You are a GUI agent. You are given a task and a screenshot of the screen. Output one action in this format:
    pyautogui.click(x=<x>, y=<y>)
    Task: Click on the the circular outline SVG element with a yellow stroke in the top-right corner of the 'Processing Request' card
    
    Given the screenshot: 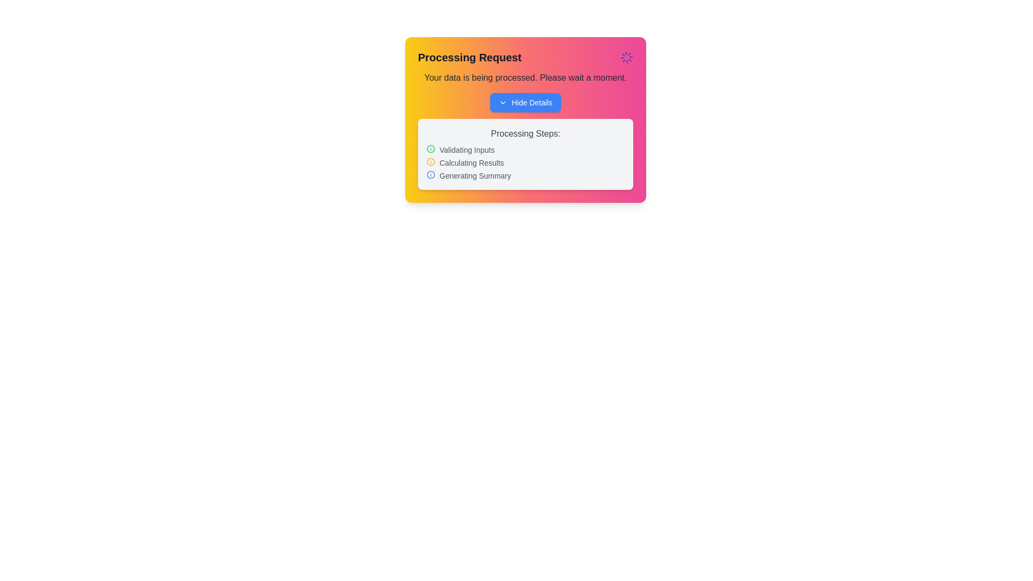 What is the action you would take?
    pyautogui.click(x=431, y=161)
    